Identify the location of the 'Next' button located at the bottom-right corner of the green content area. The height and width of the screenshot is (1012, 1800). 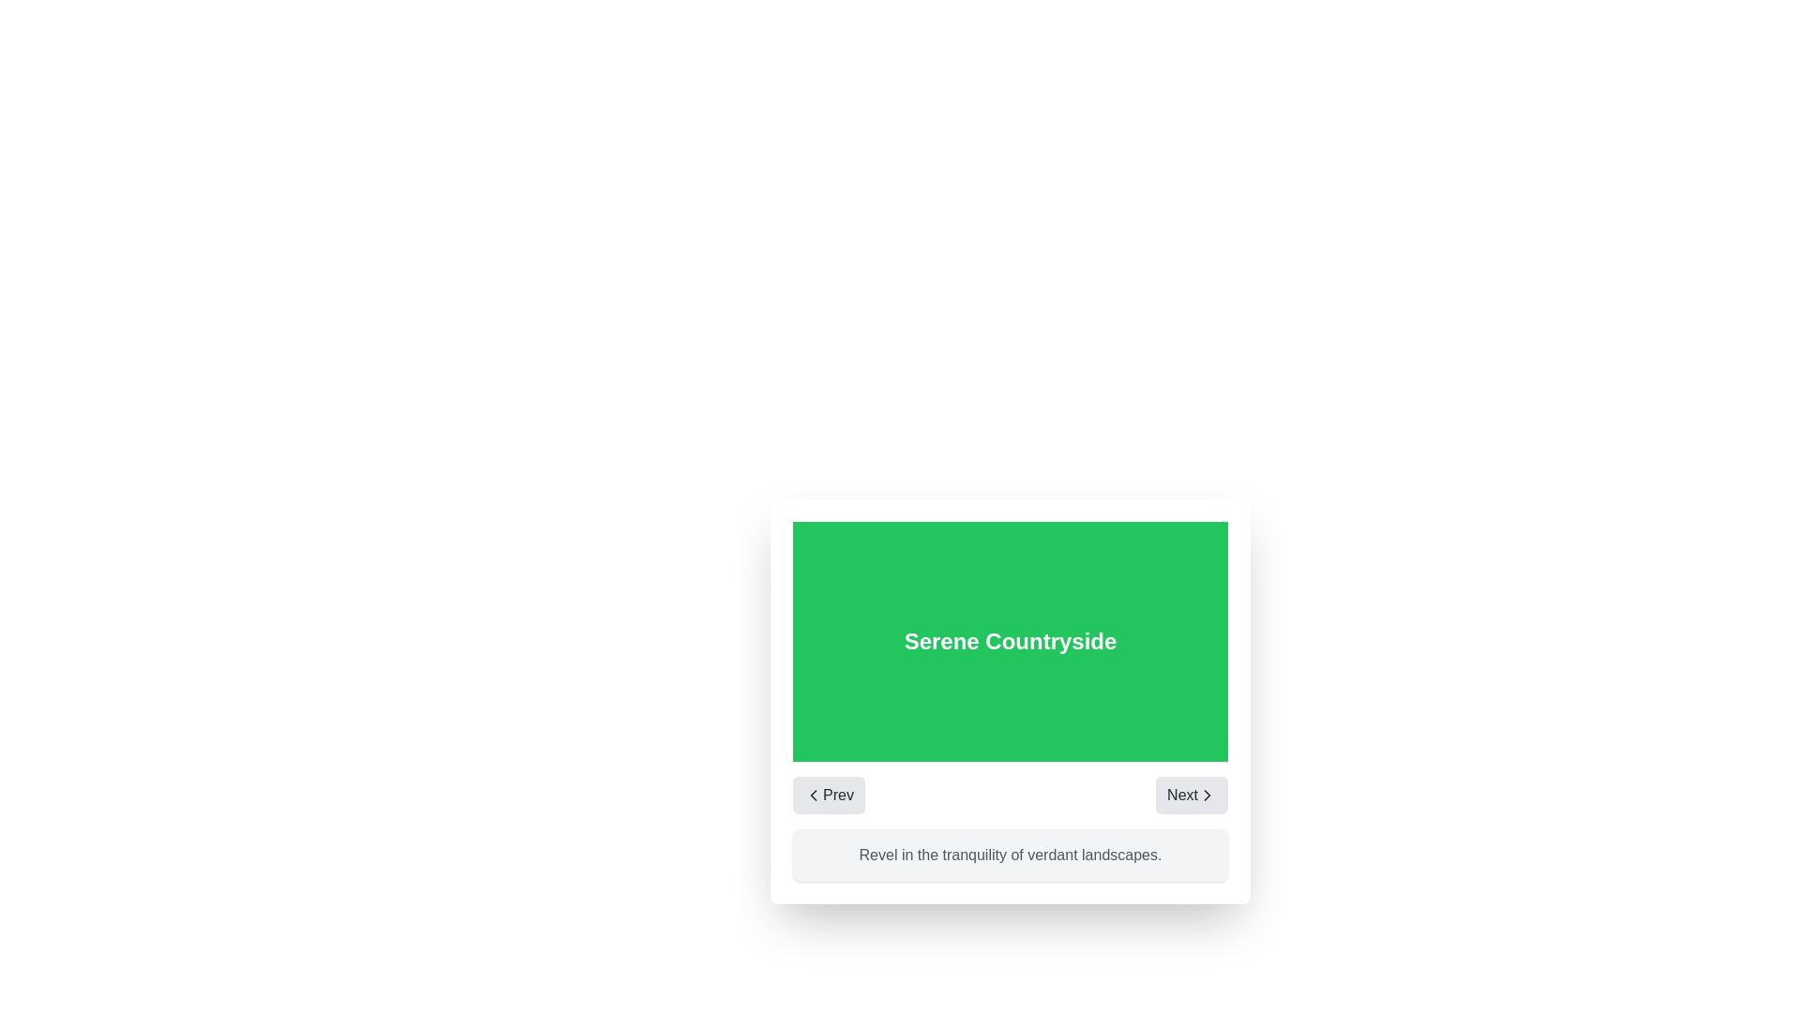
(1181, 795).